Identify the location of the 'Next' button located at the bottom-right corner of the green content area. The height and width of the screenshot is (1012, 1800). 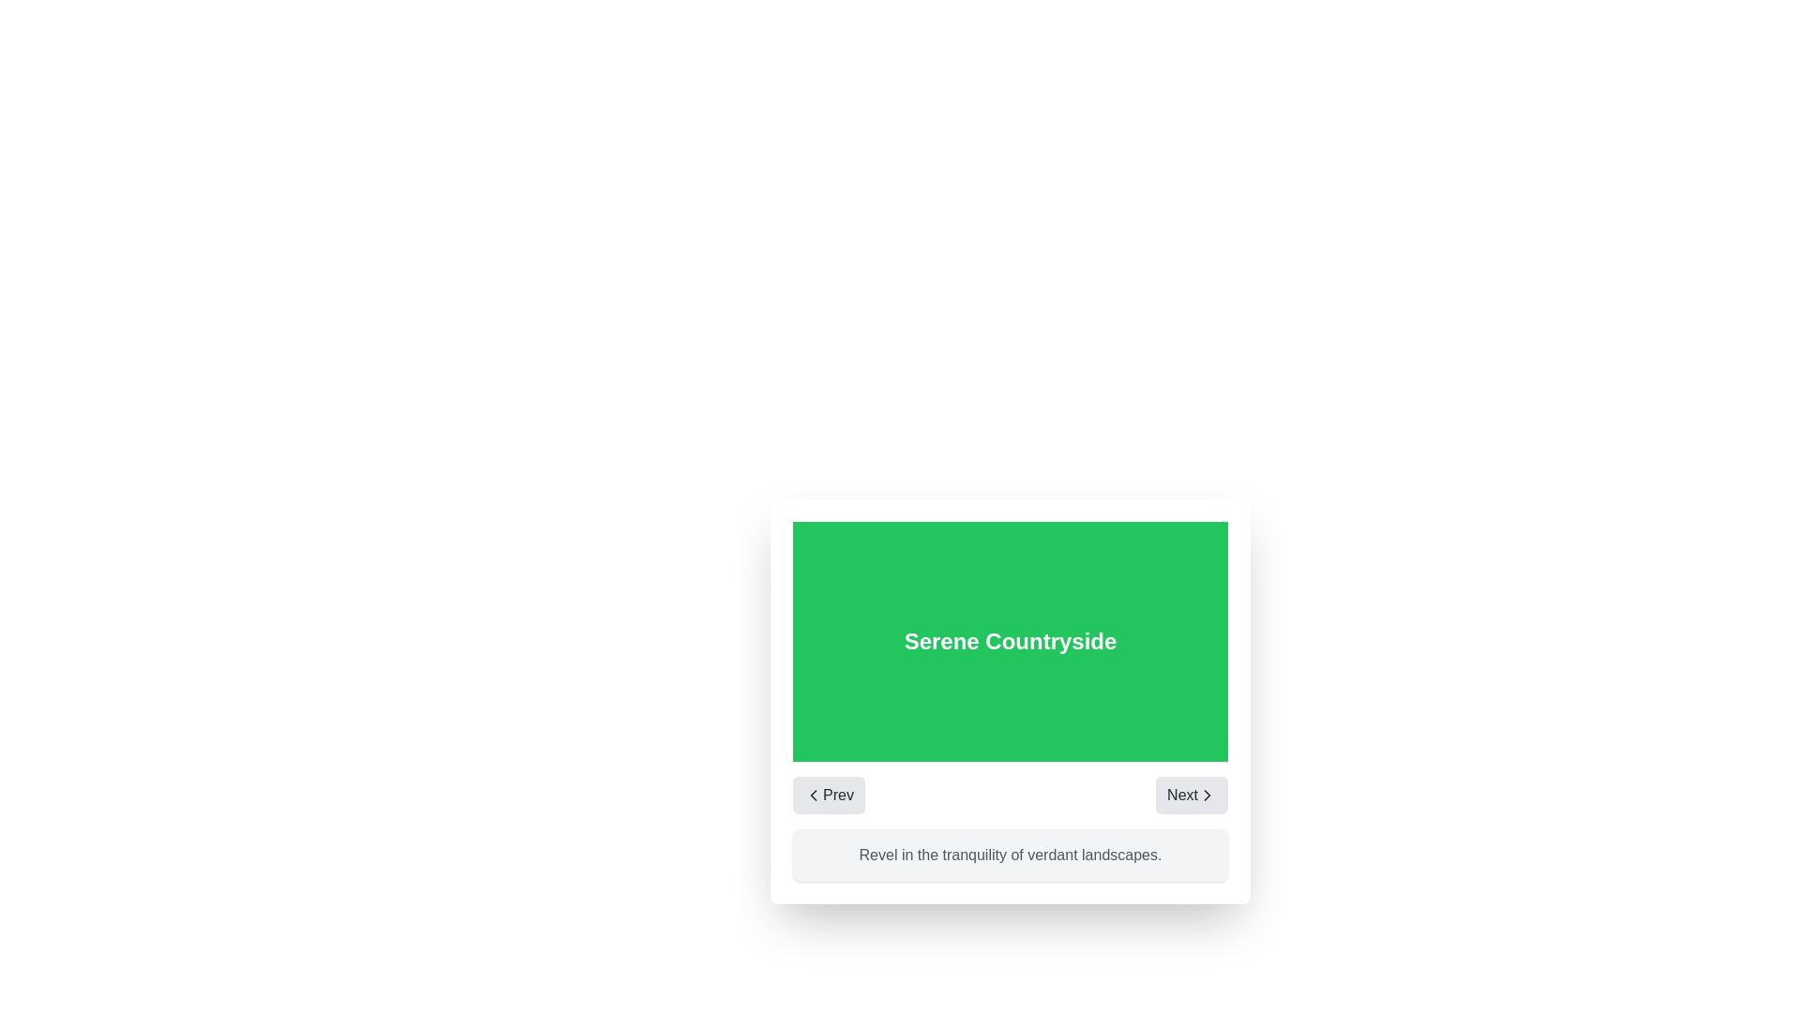
(1181, 795).